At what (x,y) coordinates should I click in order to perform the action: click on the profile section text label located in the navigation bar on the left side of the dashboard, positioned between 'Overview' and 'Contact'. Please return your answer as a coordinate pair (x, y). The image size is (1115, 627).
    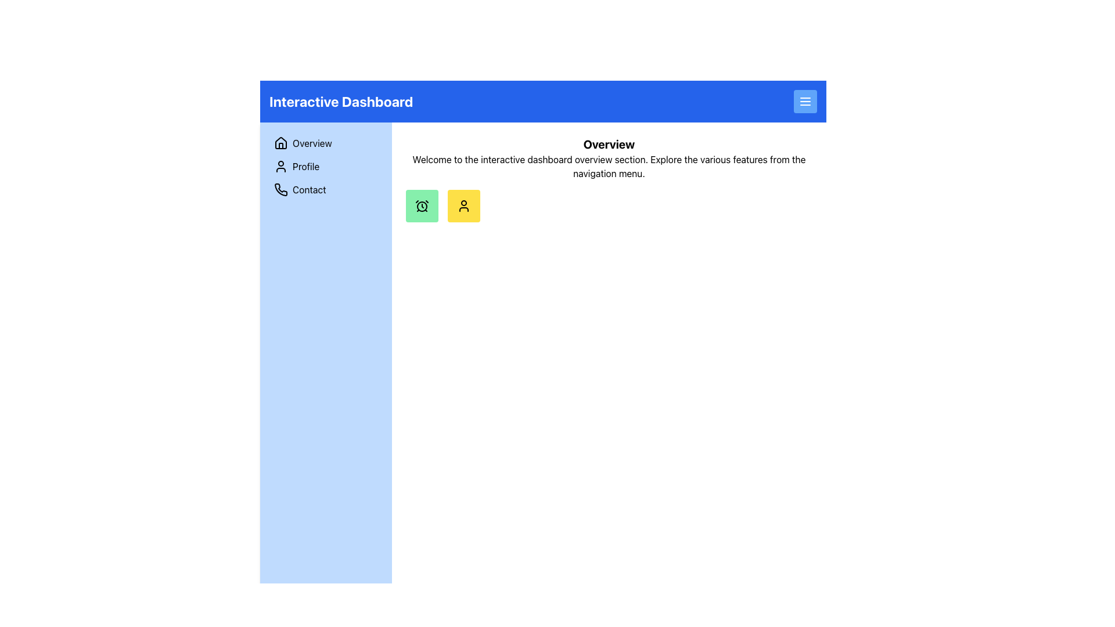
    Looking at the image, I should click on (306, 166).